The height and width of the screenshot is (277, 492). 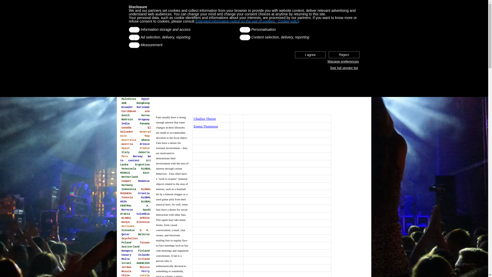 I want to click on 'Taiwan', so click(x=145, y=242).